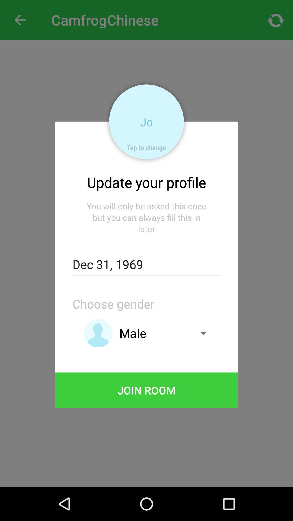 The height and width of the screenshot is (521, 293). I want to click on icon below the you will only, so click(146, 264).